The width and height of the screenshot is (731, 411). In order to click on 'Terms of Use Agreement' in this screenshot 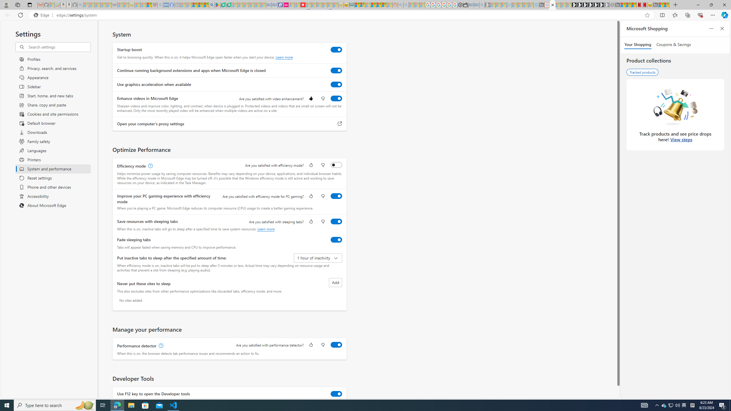, I will do `click(222, 5)`.